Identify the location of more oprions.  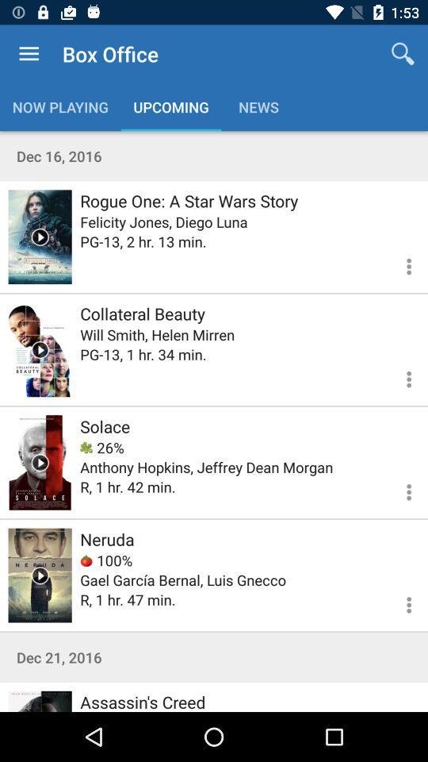
(399, 602).